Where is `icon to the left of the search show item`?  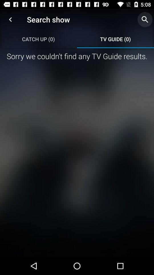
icon to the left of the search show item is located at coordinates (10, 19).